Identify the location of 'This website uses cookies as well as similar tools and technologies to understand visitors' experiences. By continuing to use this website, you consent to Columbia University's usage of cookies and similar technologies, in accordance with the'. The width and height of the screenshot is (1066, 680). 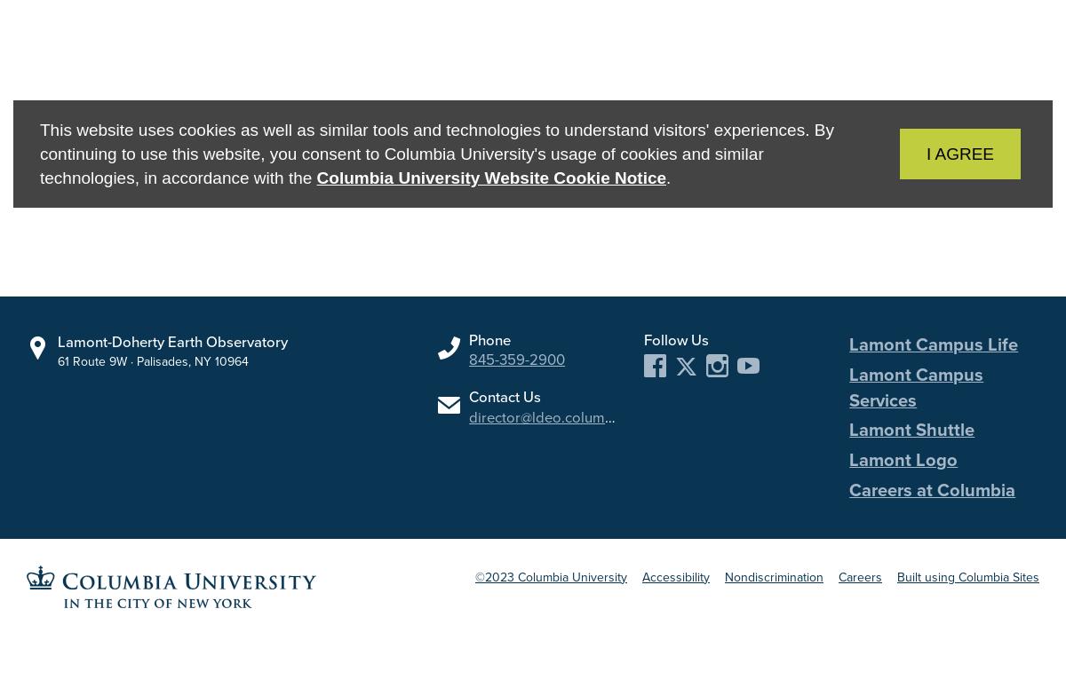
(435, 152).